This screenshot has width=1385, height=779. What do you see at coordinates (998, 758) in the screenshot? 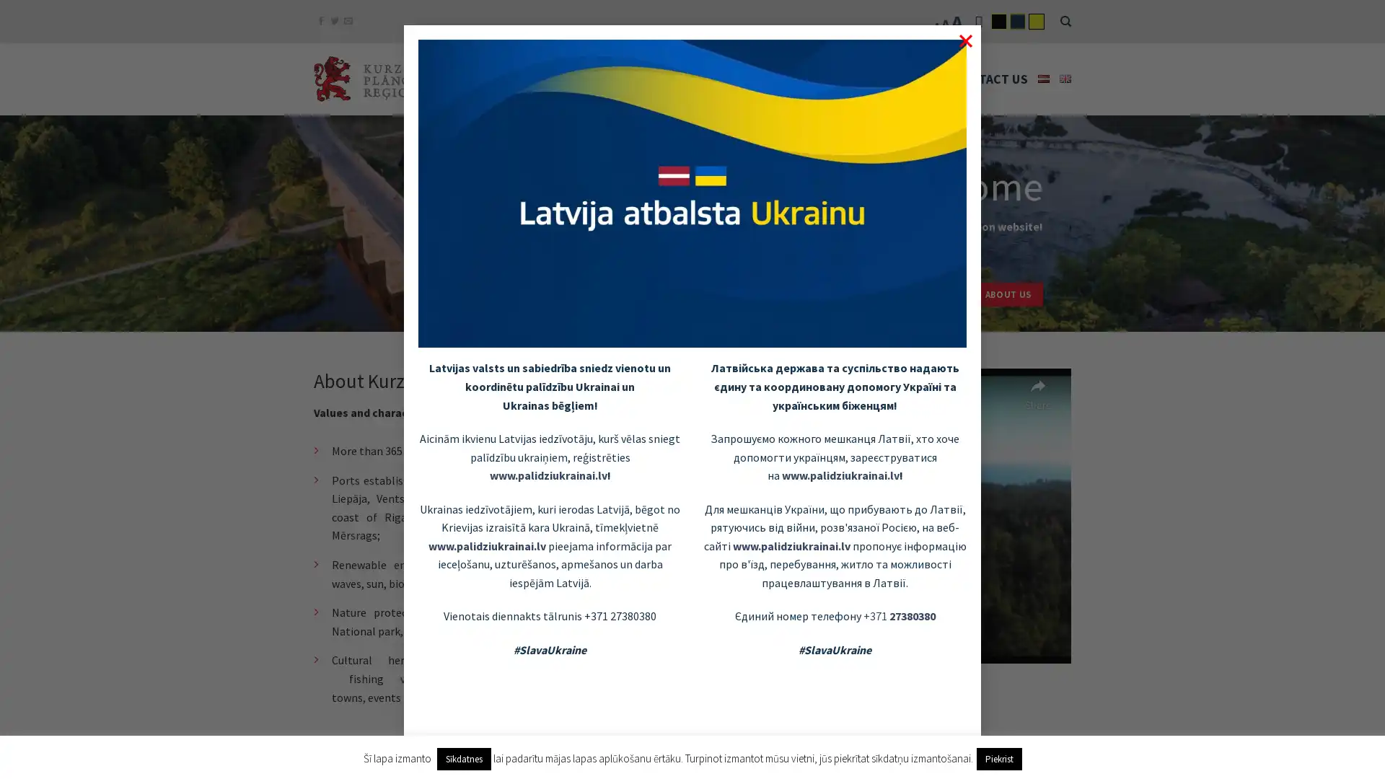
I see `Piekrist` at bounding box center [998, 758].